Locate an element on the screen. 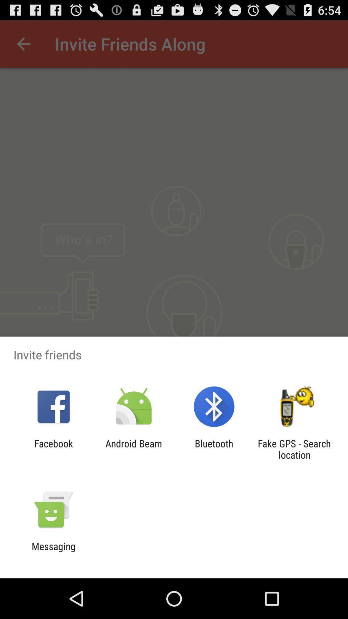 The image size is (348, 619). the icon next to the android beam icon is located at coordinates (53, 449).